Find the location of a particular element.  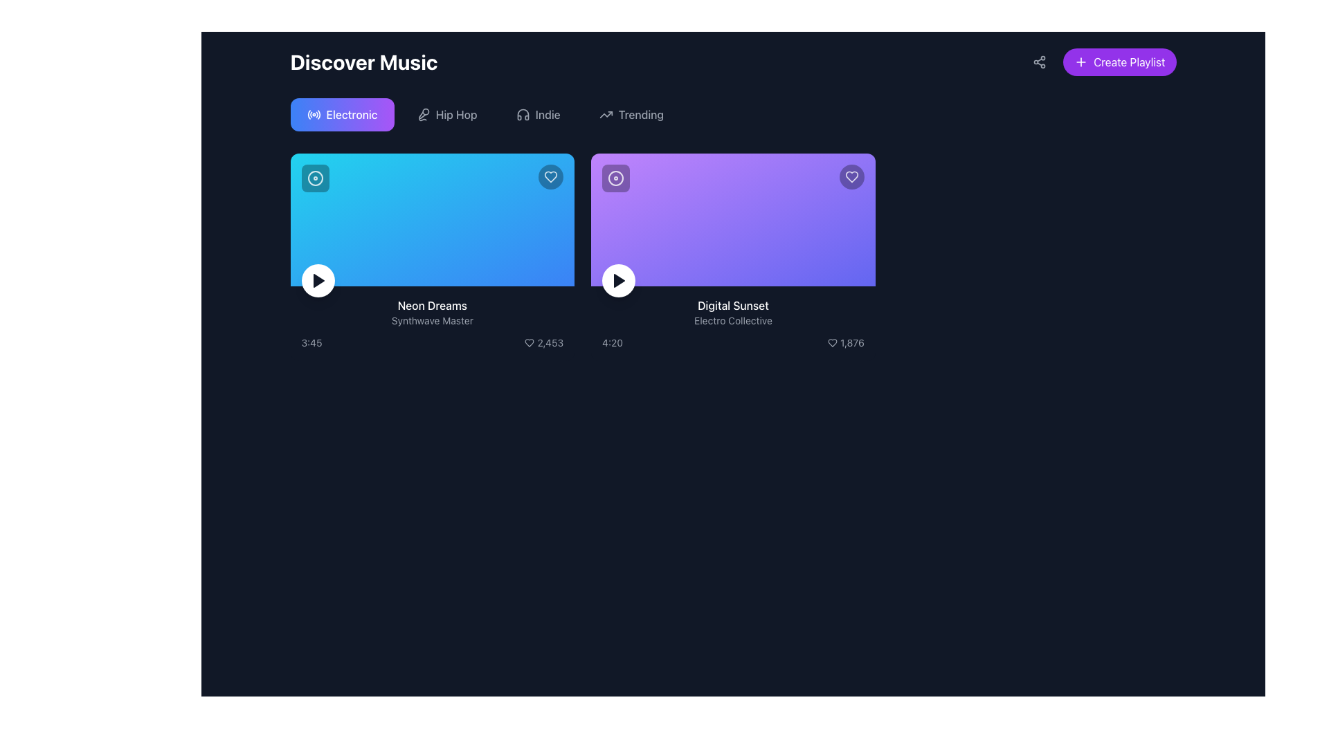

the heart icon button located at the top-right corner of the card for the song 'Digital Sunset' in the second column of the music discovery section is located at coordinates (851, 176).